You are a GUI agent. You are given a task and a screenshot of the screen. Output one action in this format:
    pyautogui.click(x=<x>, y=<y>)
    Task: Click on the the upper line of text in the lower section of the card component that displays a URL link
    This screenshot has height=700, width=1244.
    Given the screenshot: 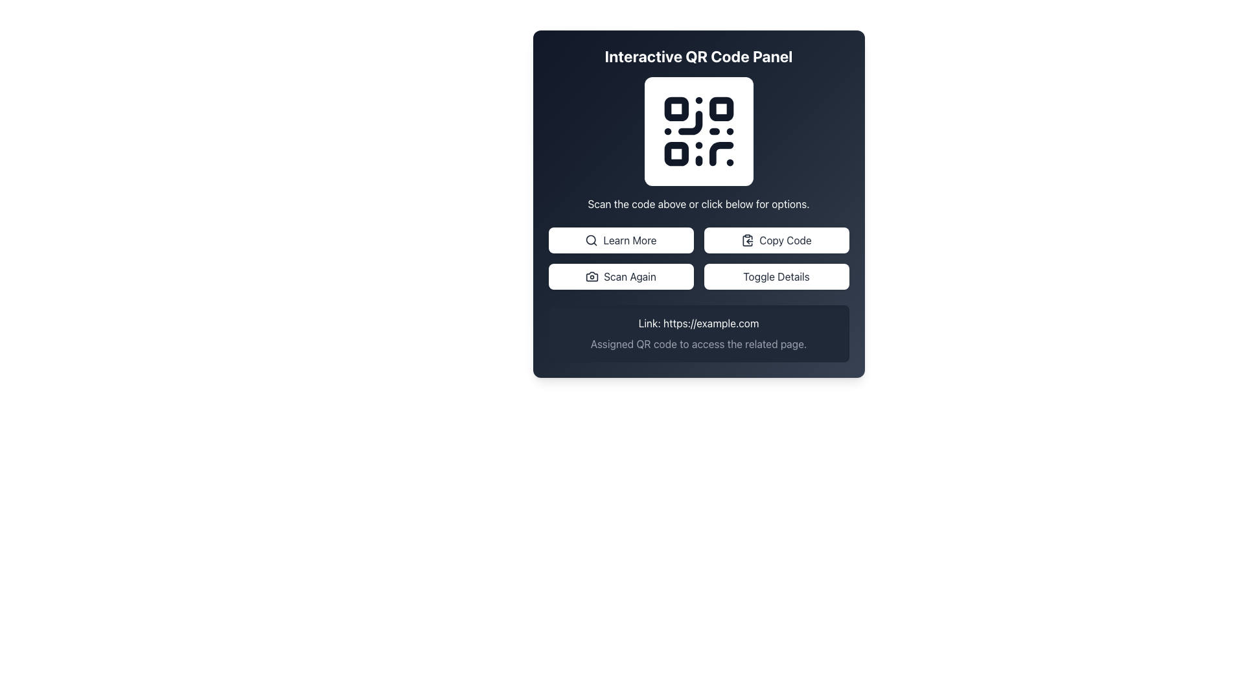 What is the action you would take?
    pyautogui.click(x=698, y=322)
    